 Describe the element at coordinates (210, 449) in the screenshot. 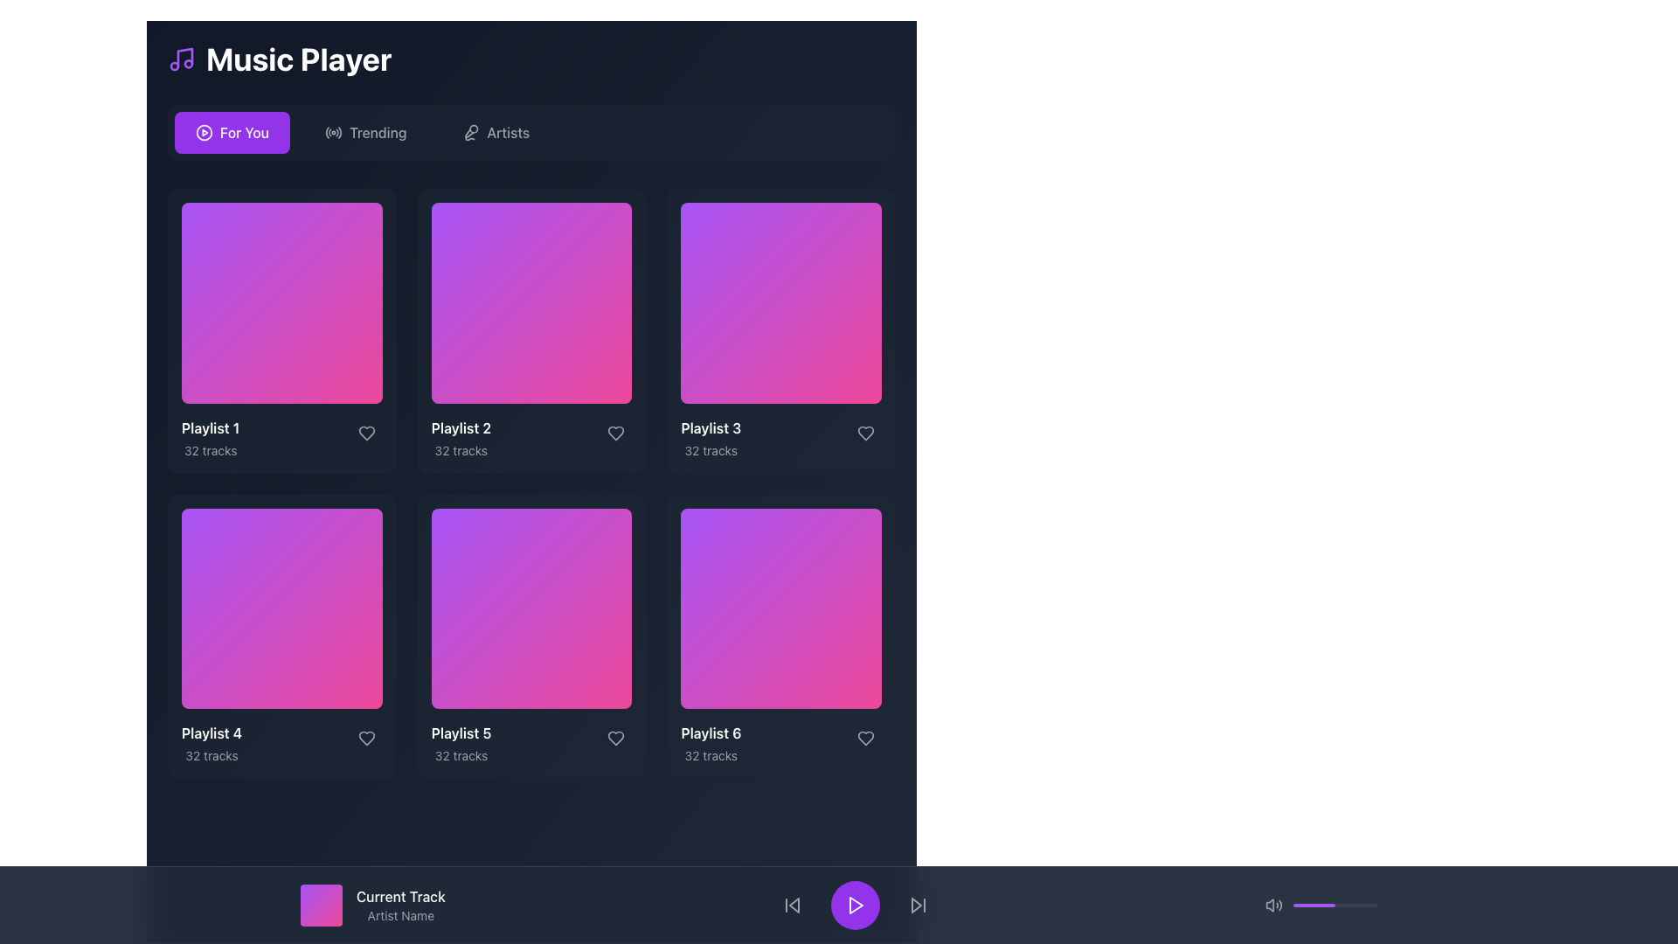

I see `the static text label that displays the number of tracks ('32 tracks') in the first playlist card under the 'Playlist 1' title in the 'For You' section` at that location.